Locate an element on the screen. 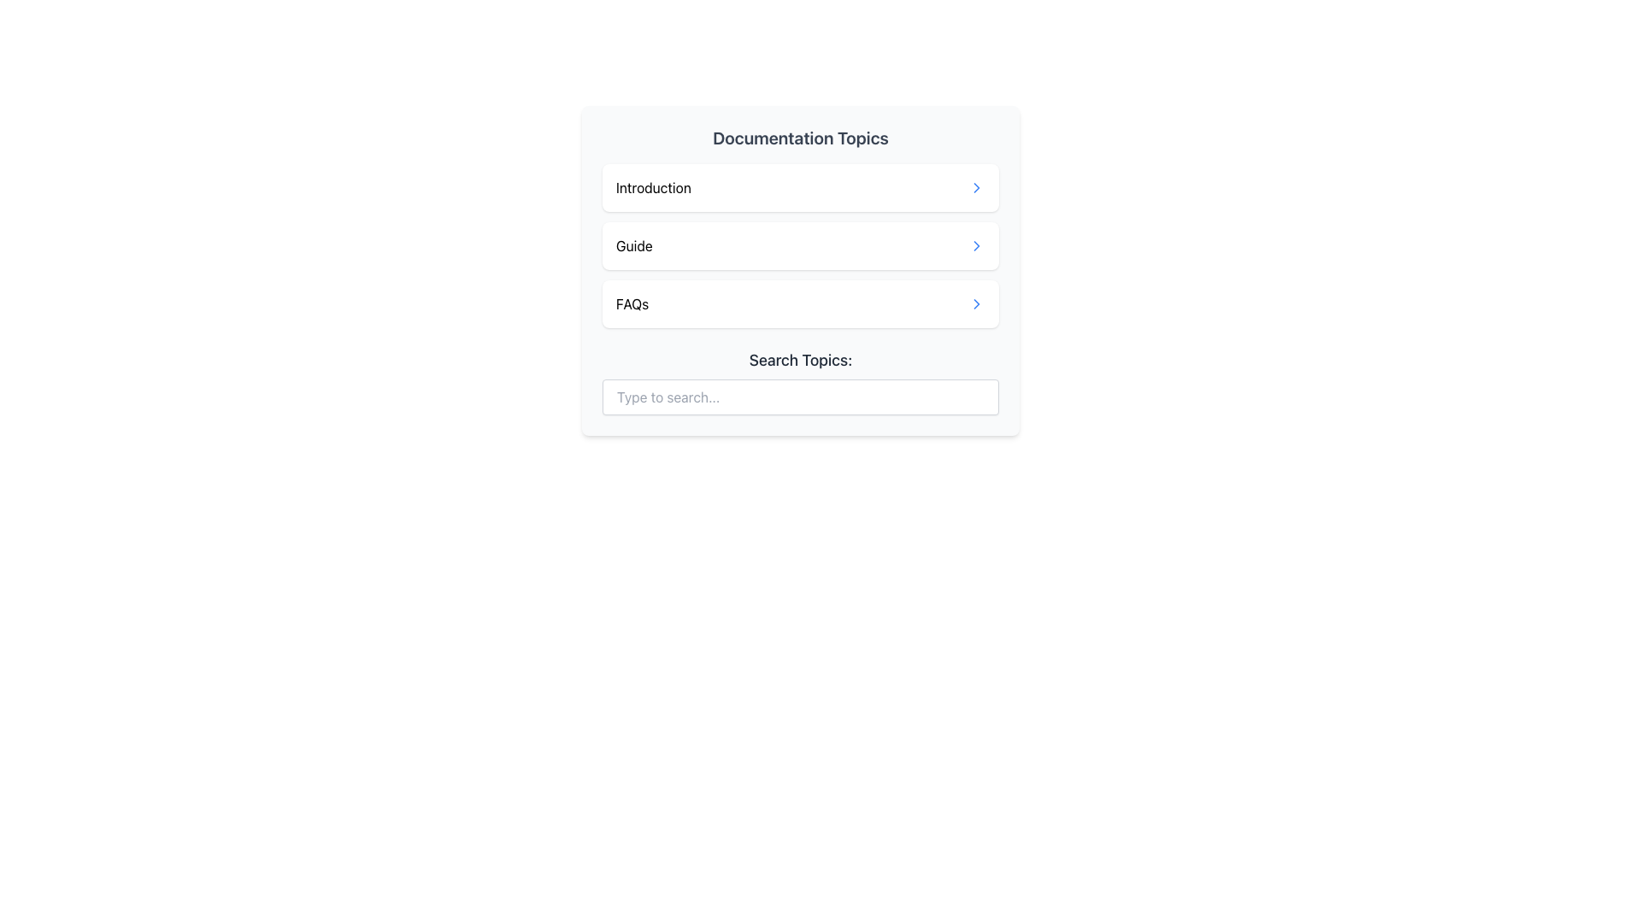  the 'Guide' button located below 'Introduction' and above 'FAQs' in the 'Documentation Topics' section is located at coordinates (799, 246).